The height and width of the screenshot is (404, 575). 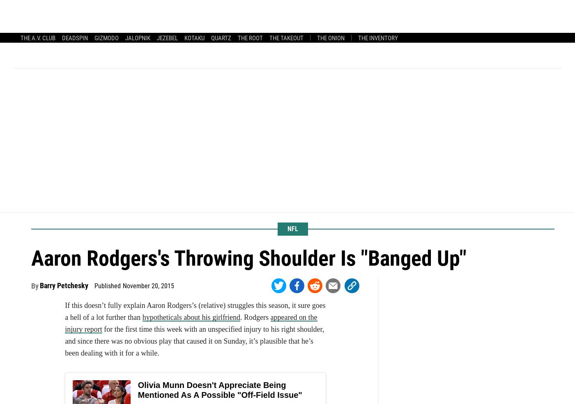 What do you see at coordinates (200, 14) in the screenshot?
I see `'Baseball'` at bounding box center [200, 14].